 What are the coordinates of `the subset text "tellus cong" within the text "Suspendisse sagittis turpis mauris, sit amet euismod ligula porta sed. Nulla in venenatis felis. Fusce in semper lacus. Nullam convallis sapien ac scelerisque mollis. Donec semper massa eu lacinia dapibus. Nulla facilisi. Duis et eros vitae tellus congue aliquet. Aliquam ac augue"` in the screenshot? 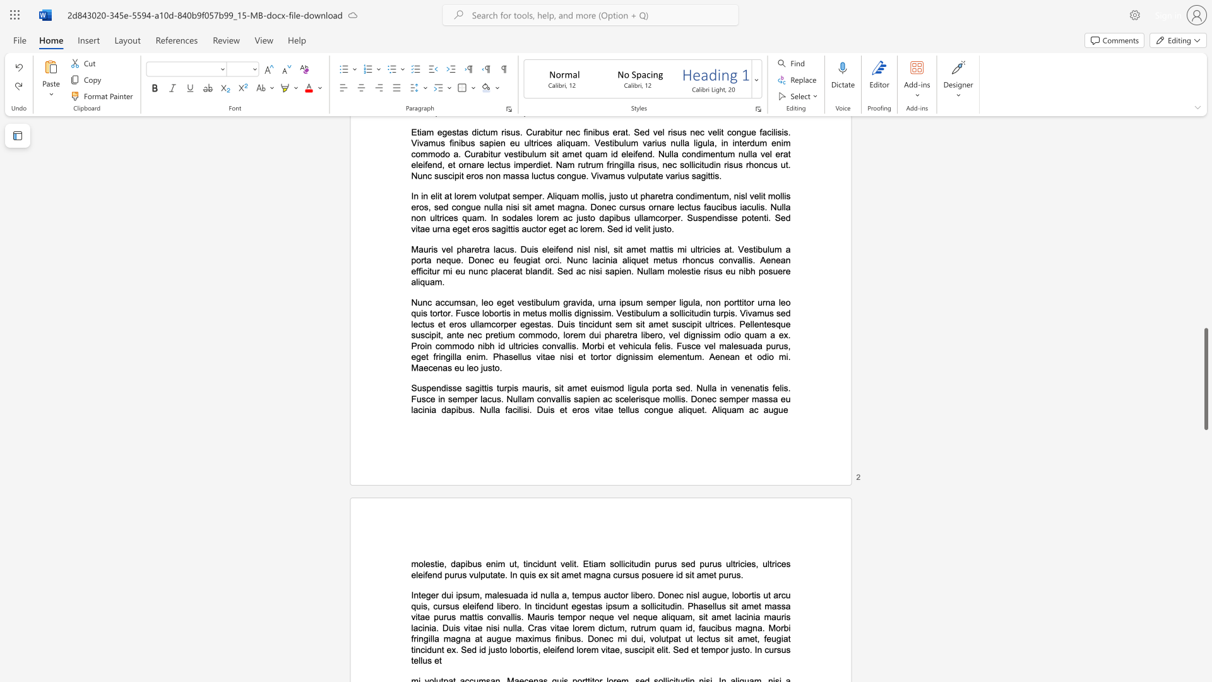 It's located at (618, 410).